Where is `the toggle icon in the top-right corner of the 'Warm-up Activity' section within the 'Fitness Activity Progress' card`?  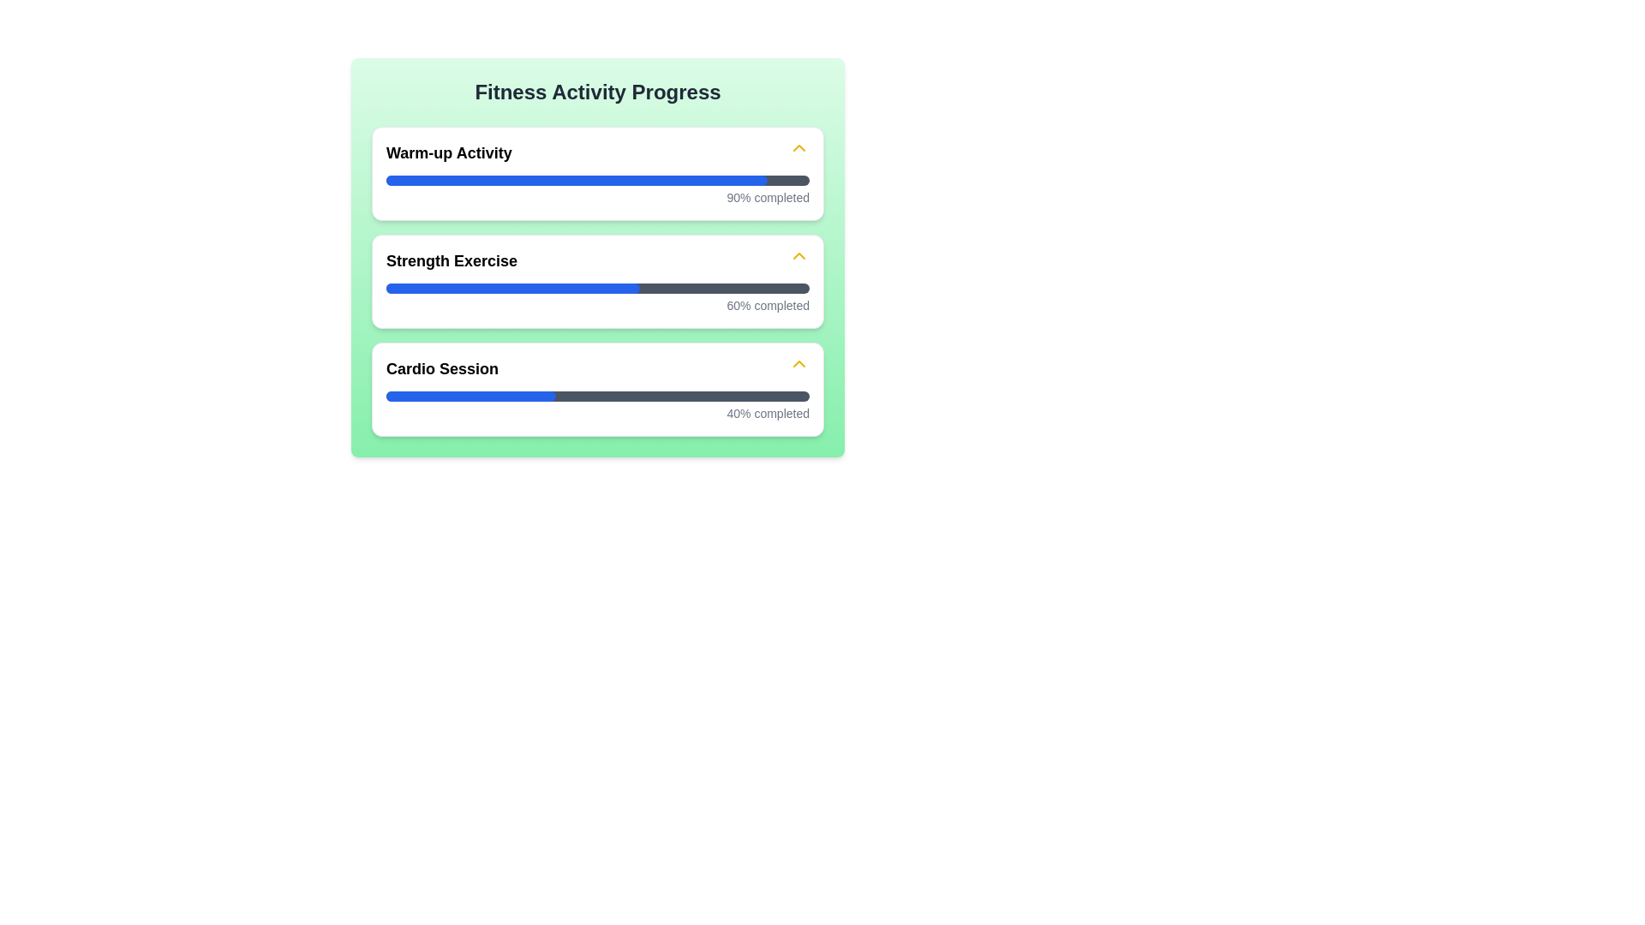 the toggle icon in the top-right corner of the 'Warm-up Activity' section within the 'Fitness Activity Progress' card is located at coordinates (798, 150).